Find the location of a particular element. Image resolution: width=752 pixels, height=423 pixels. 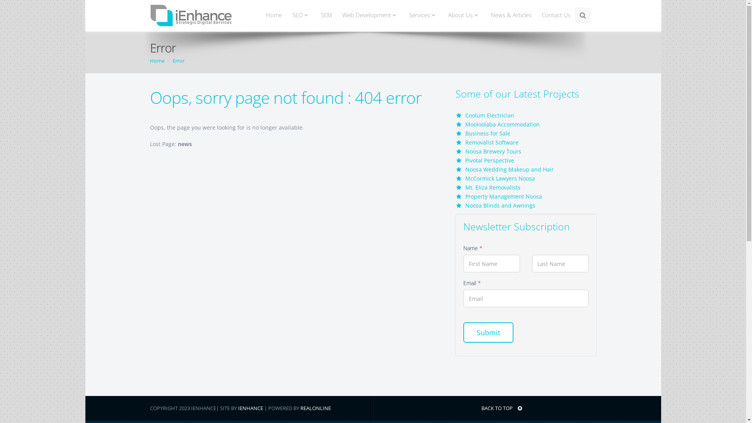

'Contact Us' is located at coordinates (556, 15).